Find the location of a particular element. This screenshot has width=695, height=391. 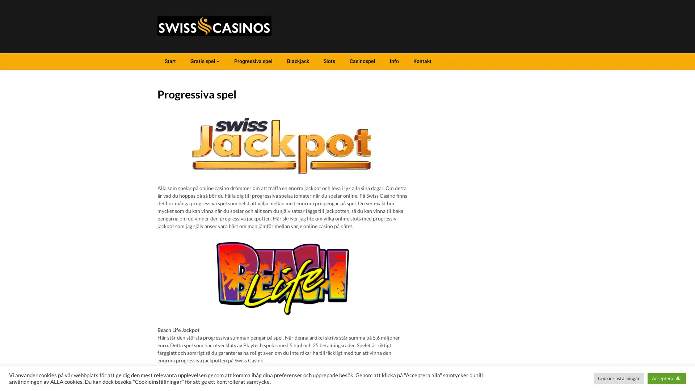

Cookie-installningar is located at coordinates (618, 378).